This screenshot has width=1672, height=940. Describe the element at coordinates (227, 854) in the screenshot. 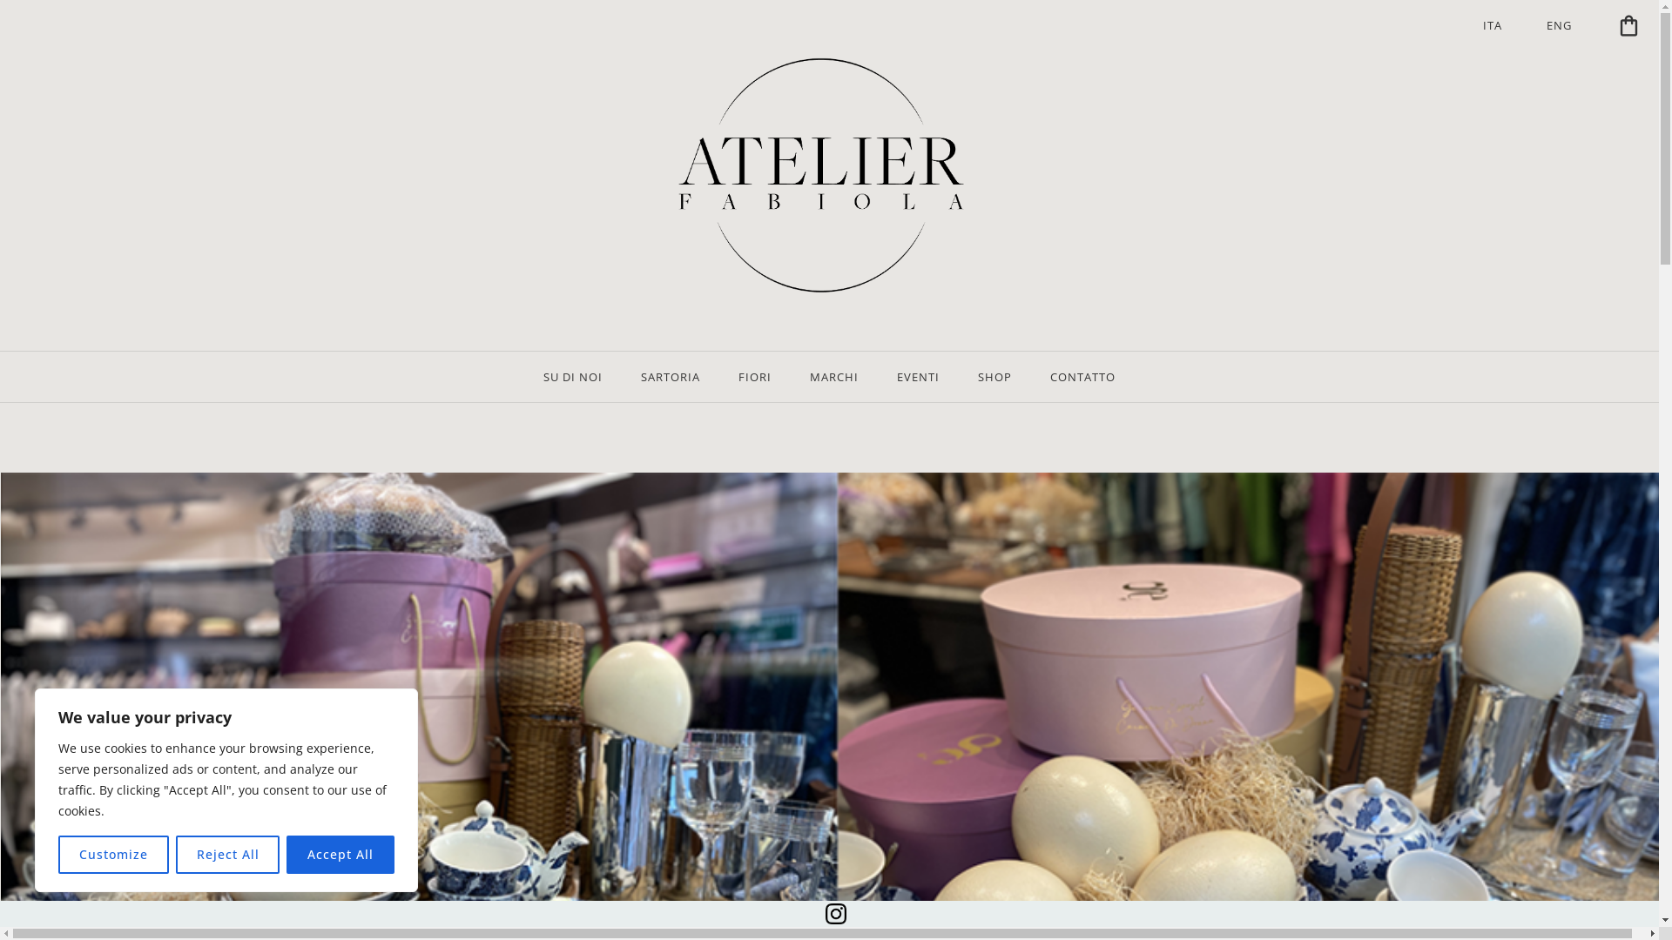

I see `'Reject All'` at that location.